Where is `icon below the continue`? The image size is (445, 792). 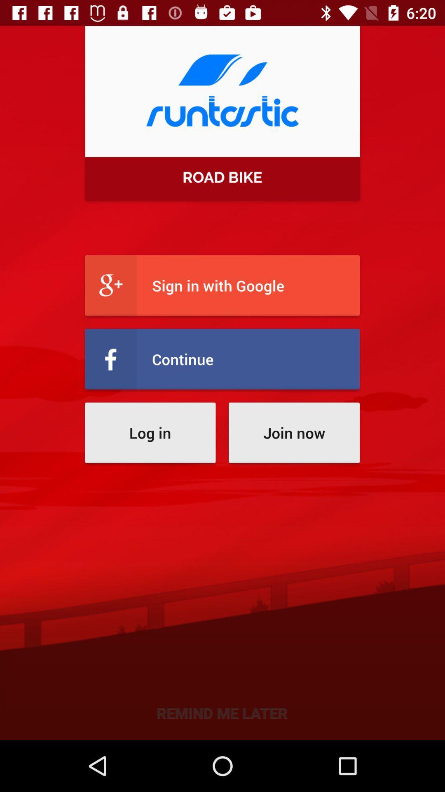 icon below the continue is located at coordinates (150, 432).